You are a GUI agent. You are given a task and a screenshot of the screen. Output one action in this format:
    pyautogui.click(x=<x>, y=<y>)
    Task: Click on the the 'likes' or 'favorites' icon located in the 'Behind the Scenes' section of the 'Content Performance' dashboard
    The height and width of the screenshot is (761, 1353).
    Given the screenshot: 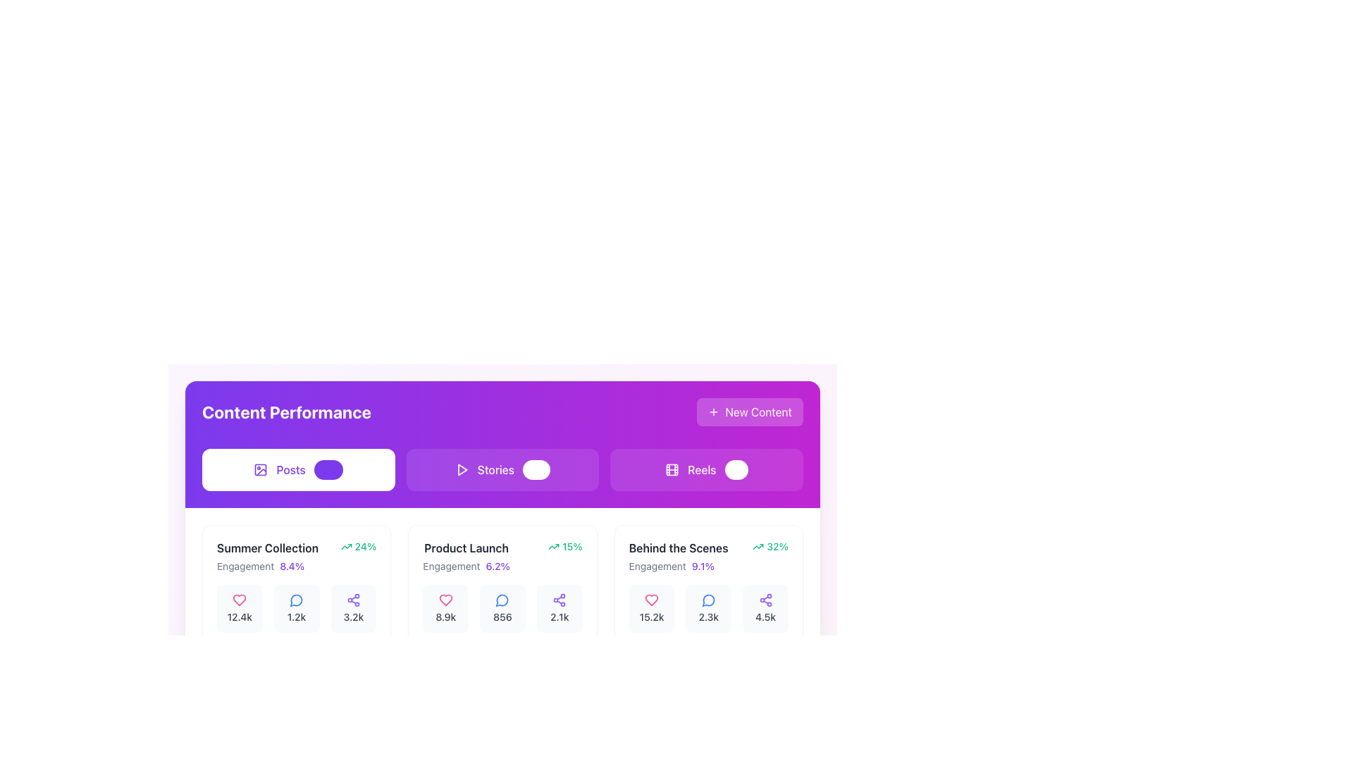 What is the action you would take?
    pyautogui.click(x=651, y=600)
    